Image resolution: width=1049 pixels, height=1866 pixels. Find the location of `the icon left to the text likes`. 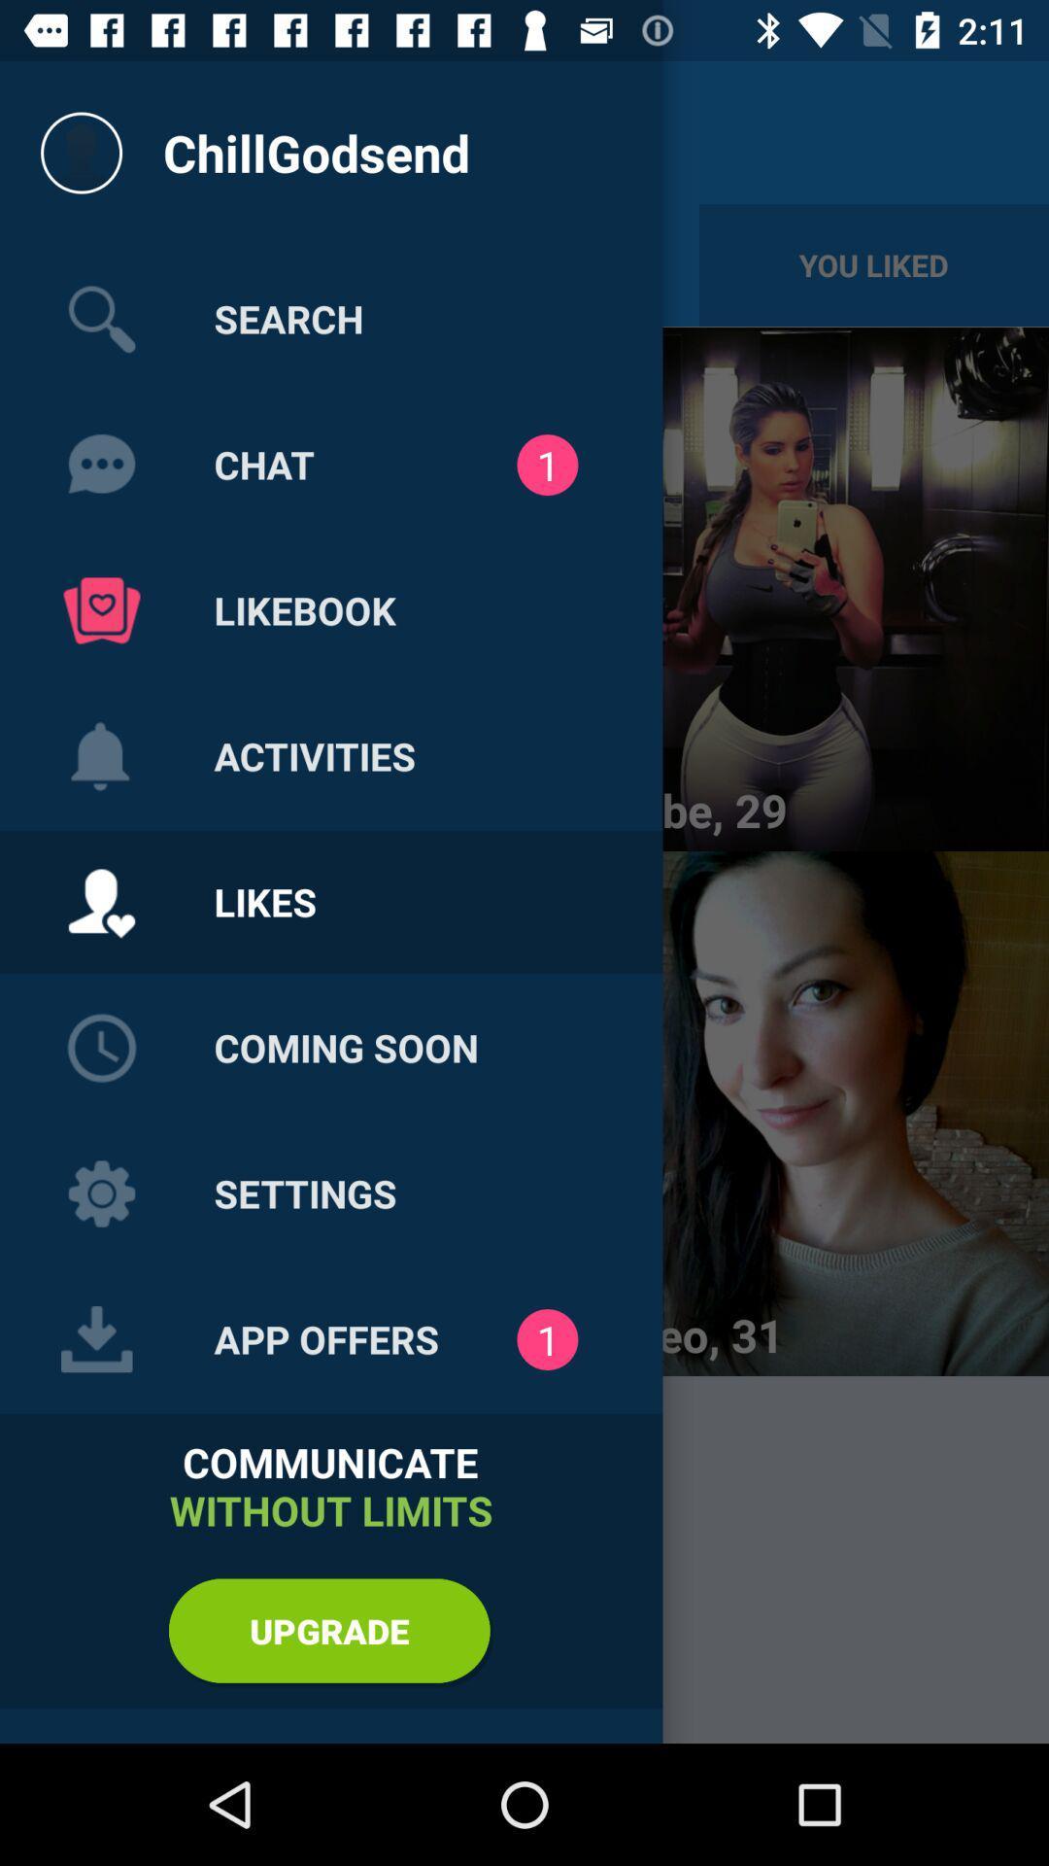

the icon left to the text likes is located at coordinates (101, 902).